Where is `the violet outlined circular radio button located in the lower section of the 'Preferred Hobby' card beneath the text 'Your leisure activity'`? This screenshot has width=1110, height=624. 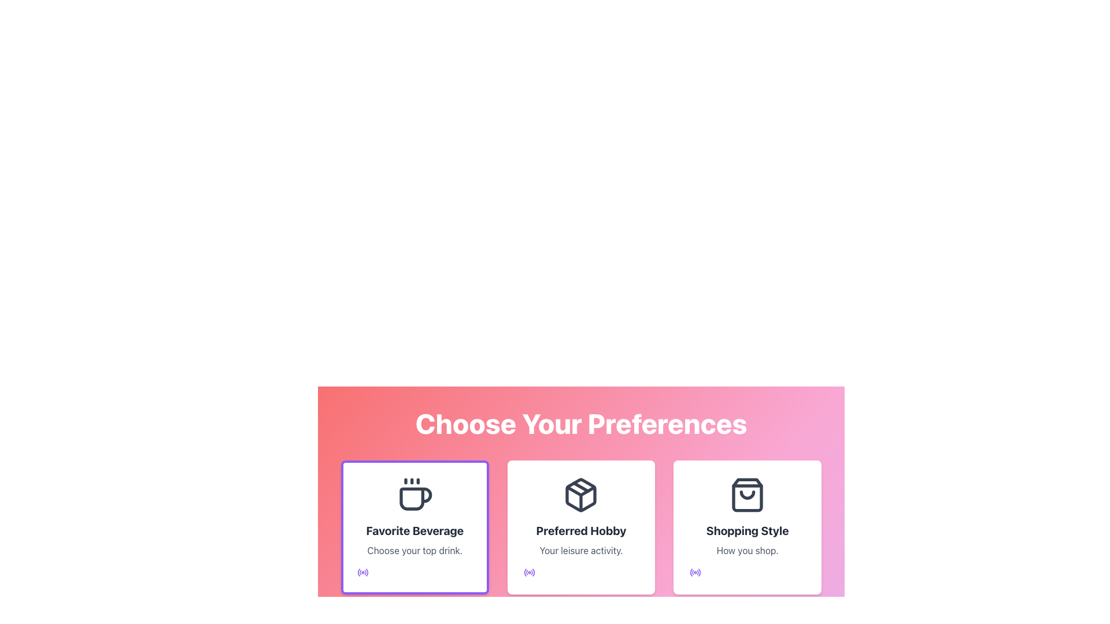
the violet outlined circular radio button located in the lower section of the 'Preferred Hobby' card beneath the text 'Your leisure activity' is located at coordinates (528, 573).